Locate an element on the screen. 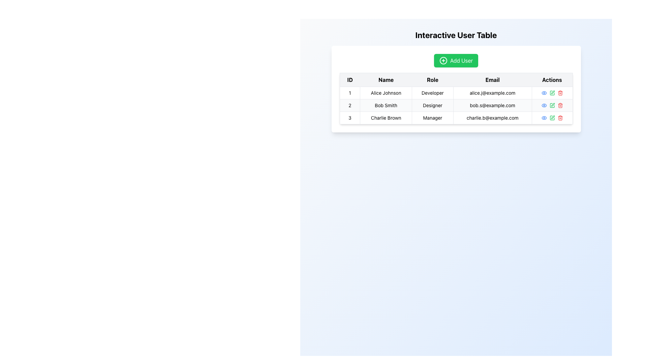  the text label displaying 'Charlie Brown' located in the third row of the table under the 'Name' column, positioned between ID '3' and role 'Manager' is located at coordinates (386, 118).